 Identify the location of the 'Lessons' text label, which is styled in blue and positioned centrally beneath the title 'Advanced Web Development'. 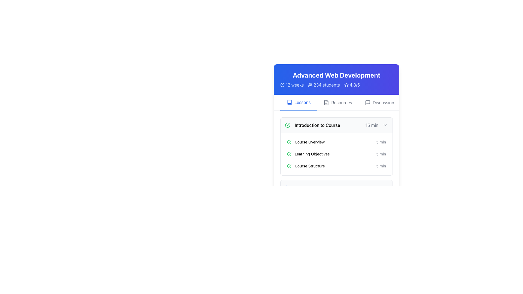
(302, 102).